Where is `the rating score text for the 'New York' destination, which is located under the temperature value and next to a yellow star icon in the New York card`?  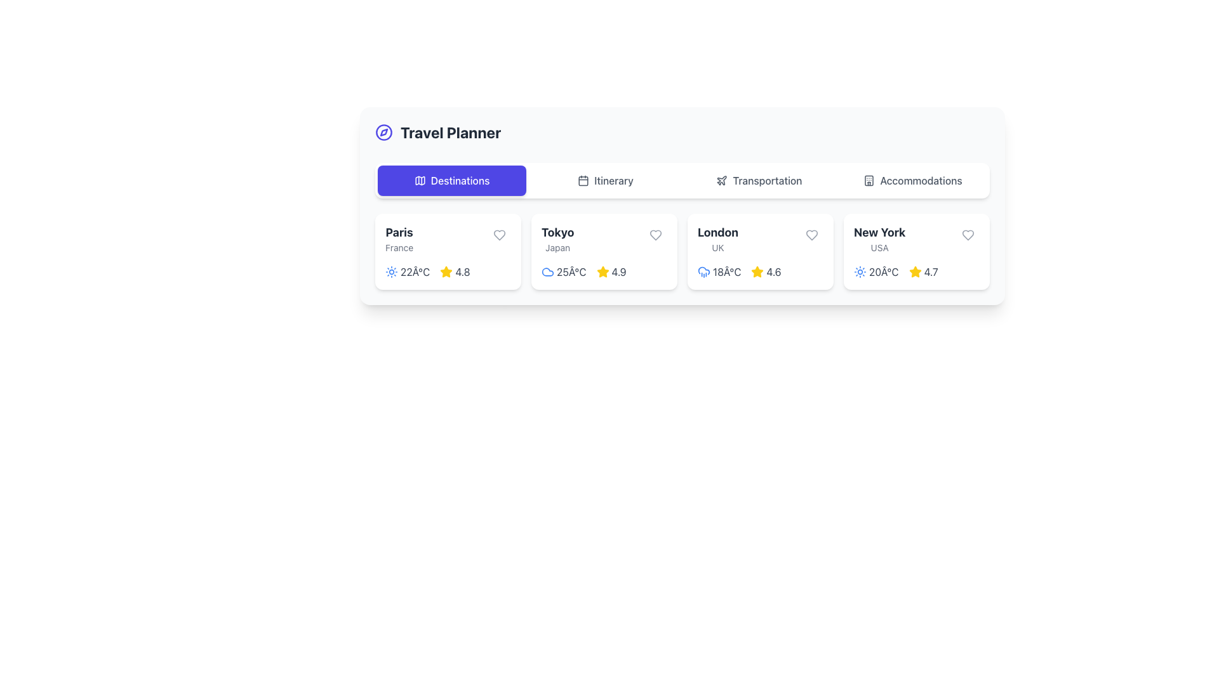
the rating score text for the 'New York' destination, which is located under the temperature value and next to a yellow star icon in the New York card is located at coordinates (931, 271).